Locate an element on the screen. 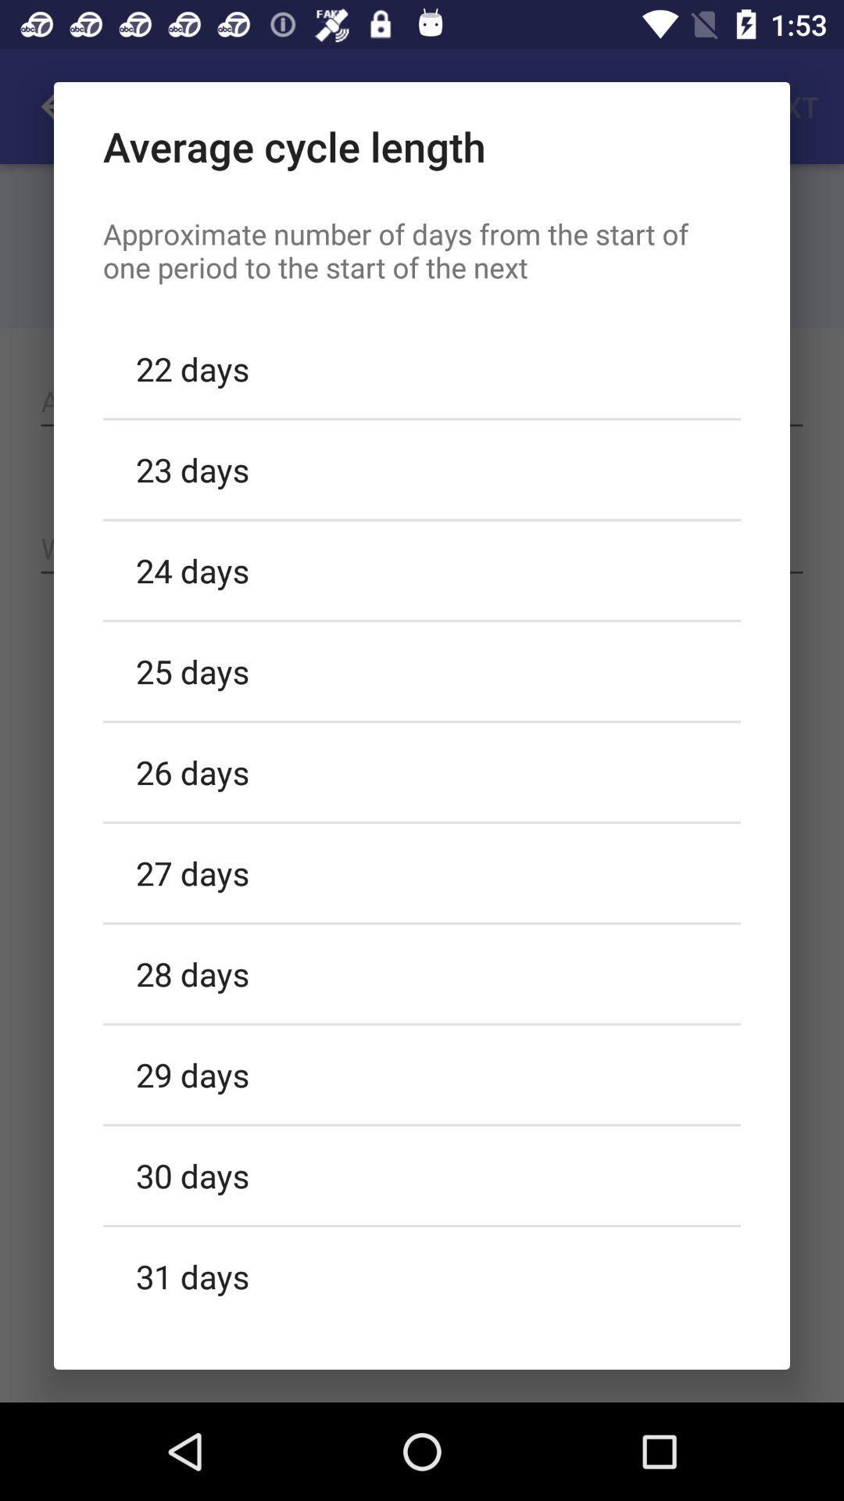 This screenshot has width=844, height=1501. icon above 24 days icon is located at coordinates (422, 468).